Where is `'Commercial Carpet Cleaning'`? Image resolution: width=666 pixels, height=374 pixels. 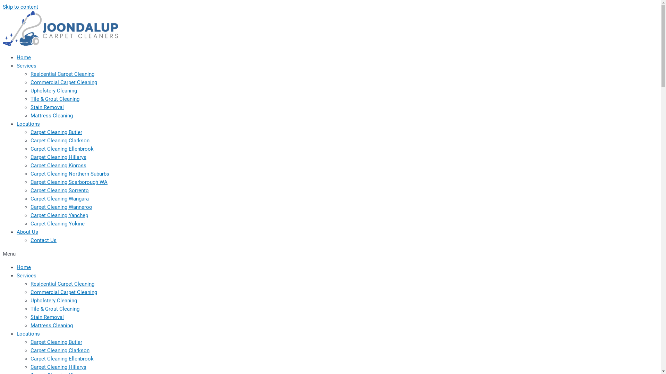
'Commercial Carpet Cleaning' is located at coordinates (63, 292).